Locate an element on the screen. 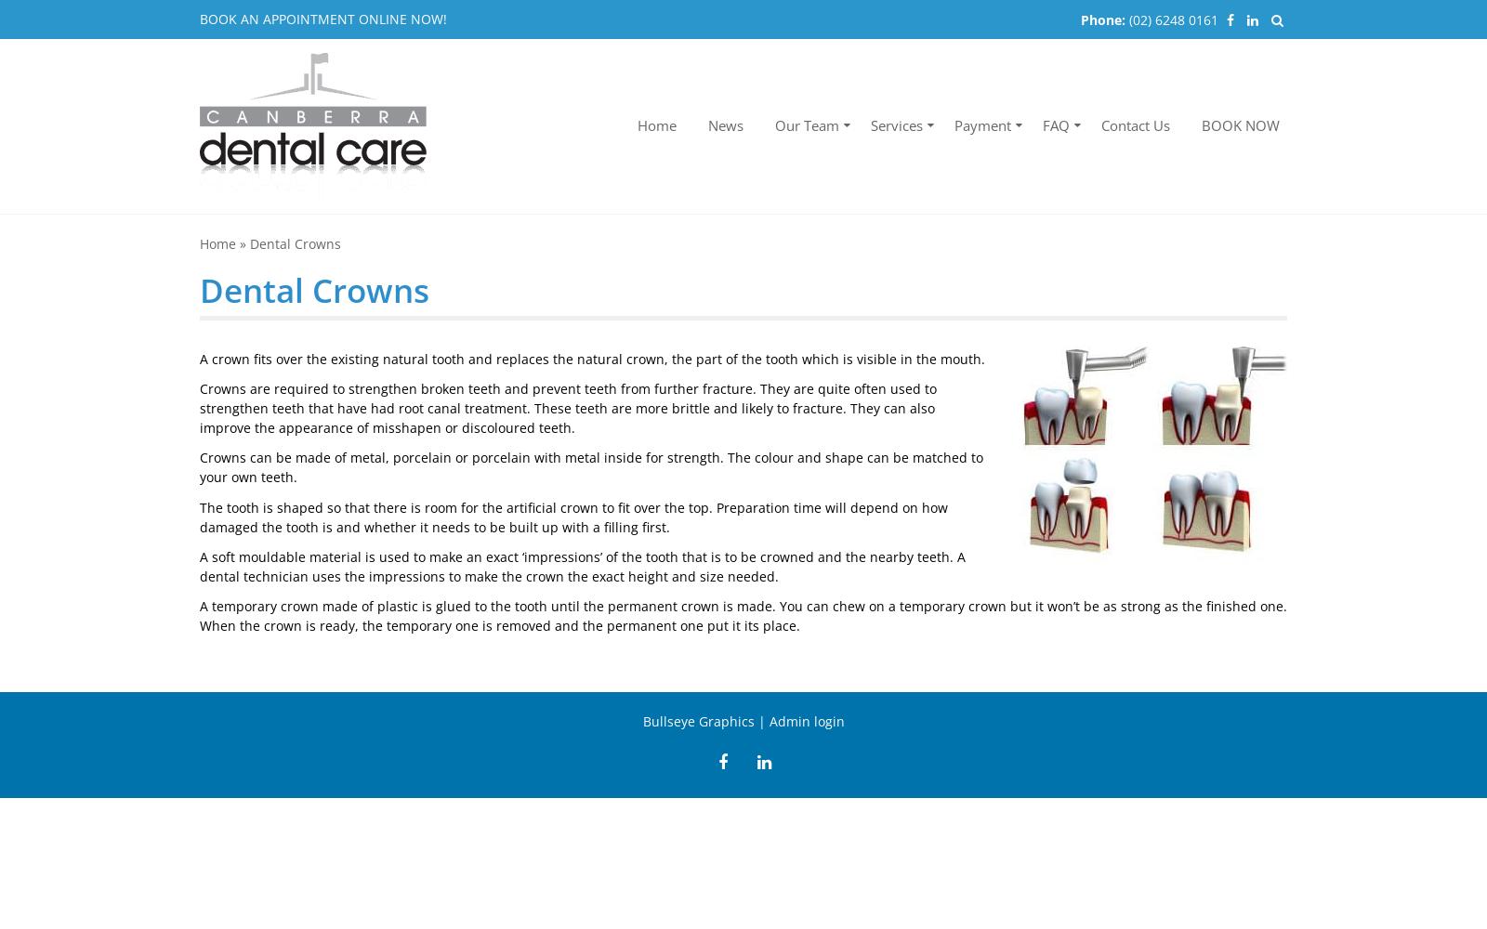  'Forms' is located at coordinates (1057, 183).